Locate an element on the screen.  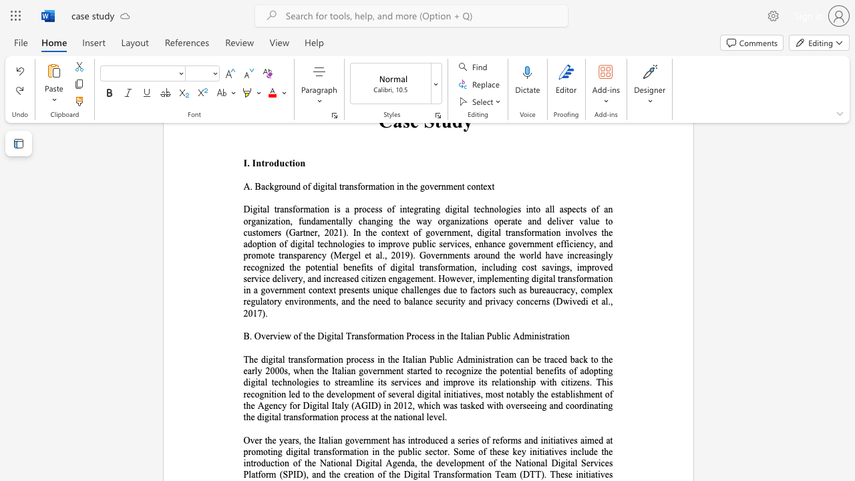
the subset text "ational leve" within the text "on process at the national level." is located at coordinates (397, 416).